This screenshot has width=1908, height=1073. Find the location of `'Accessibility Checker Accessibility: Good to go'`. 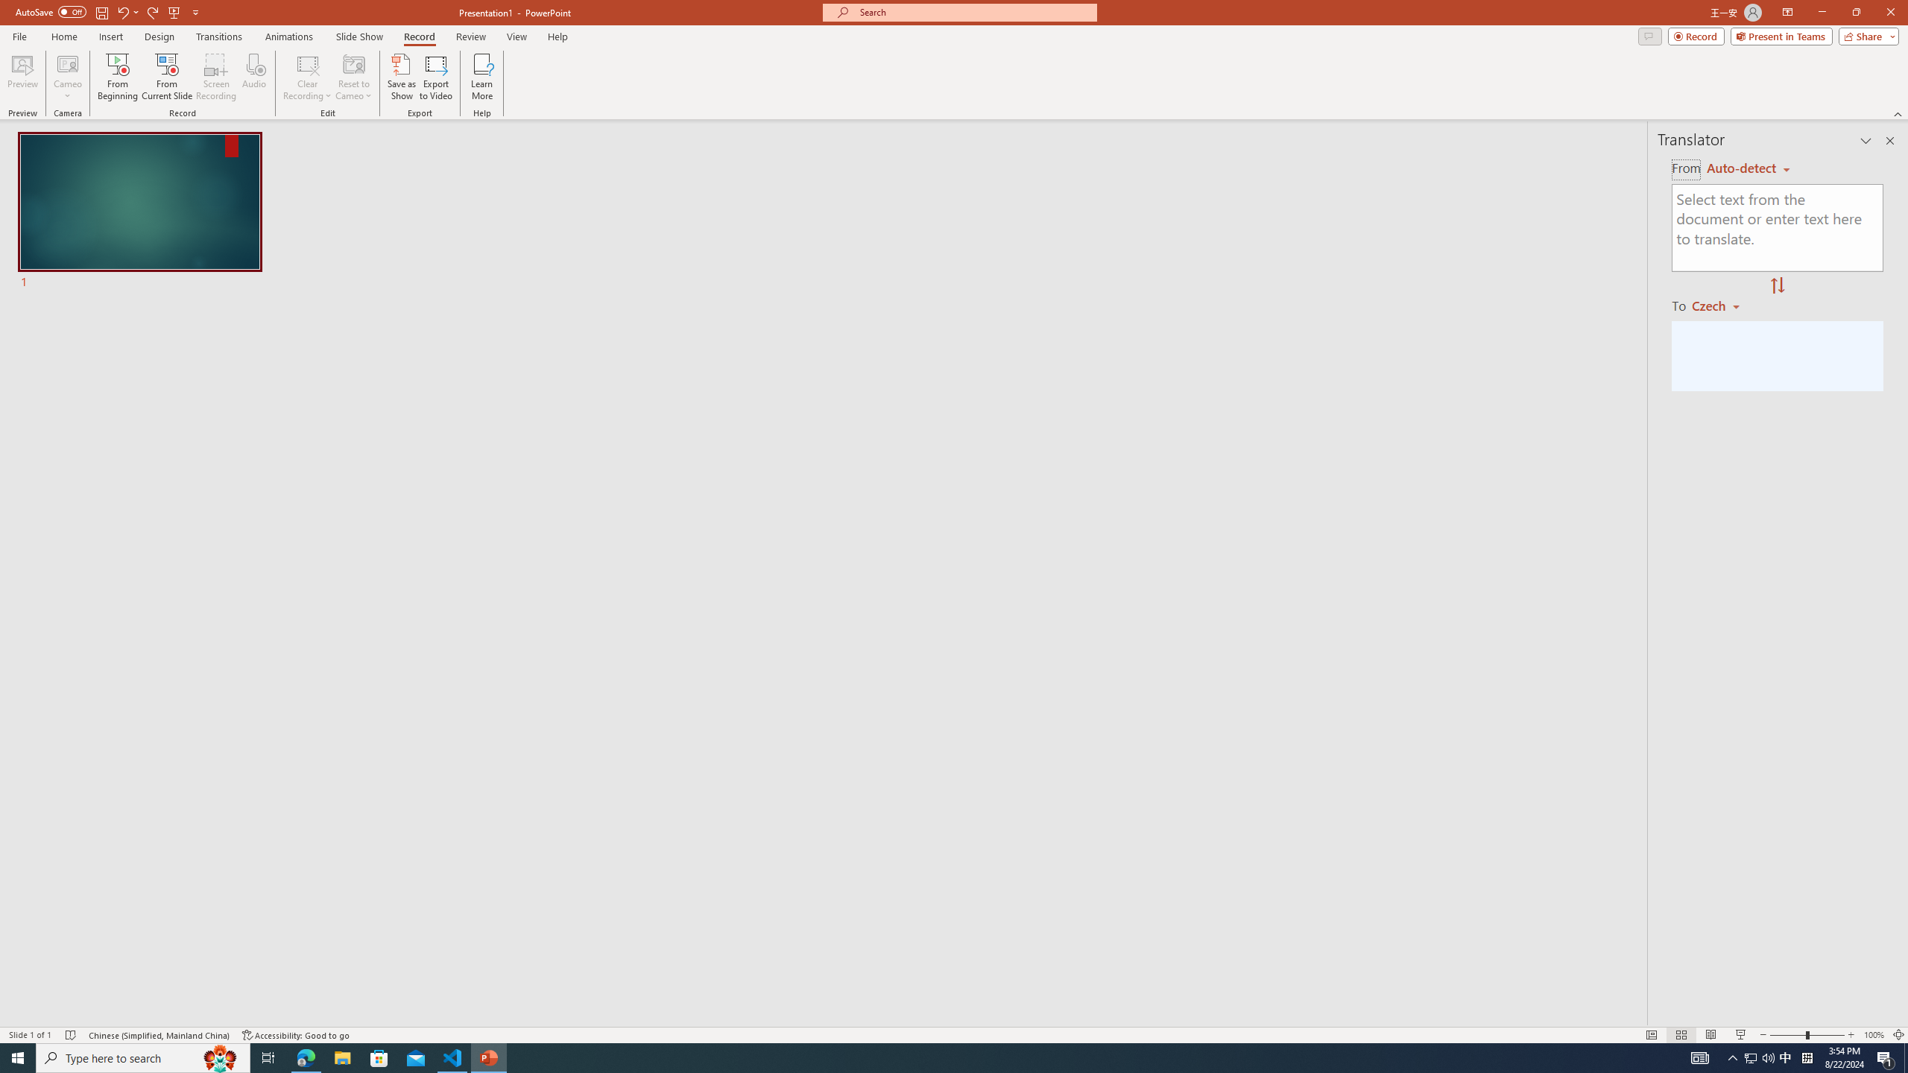

'Accessibility Checker Accessibility: Good to go' is located at coordinates (297, 1035).